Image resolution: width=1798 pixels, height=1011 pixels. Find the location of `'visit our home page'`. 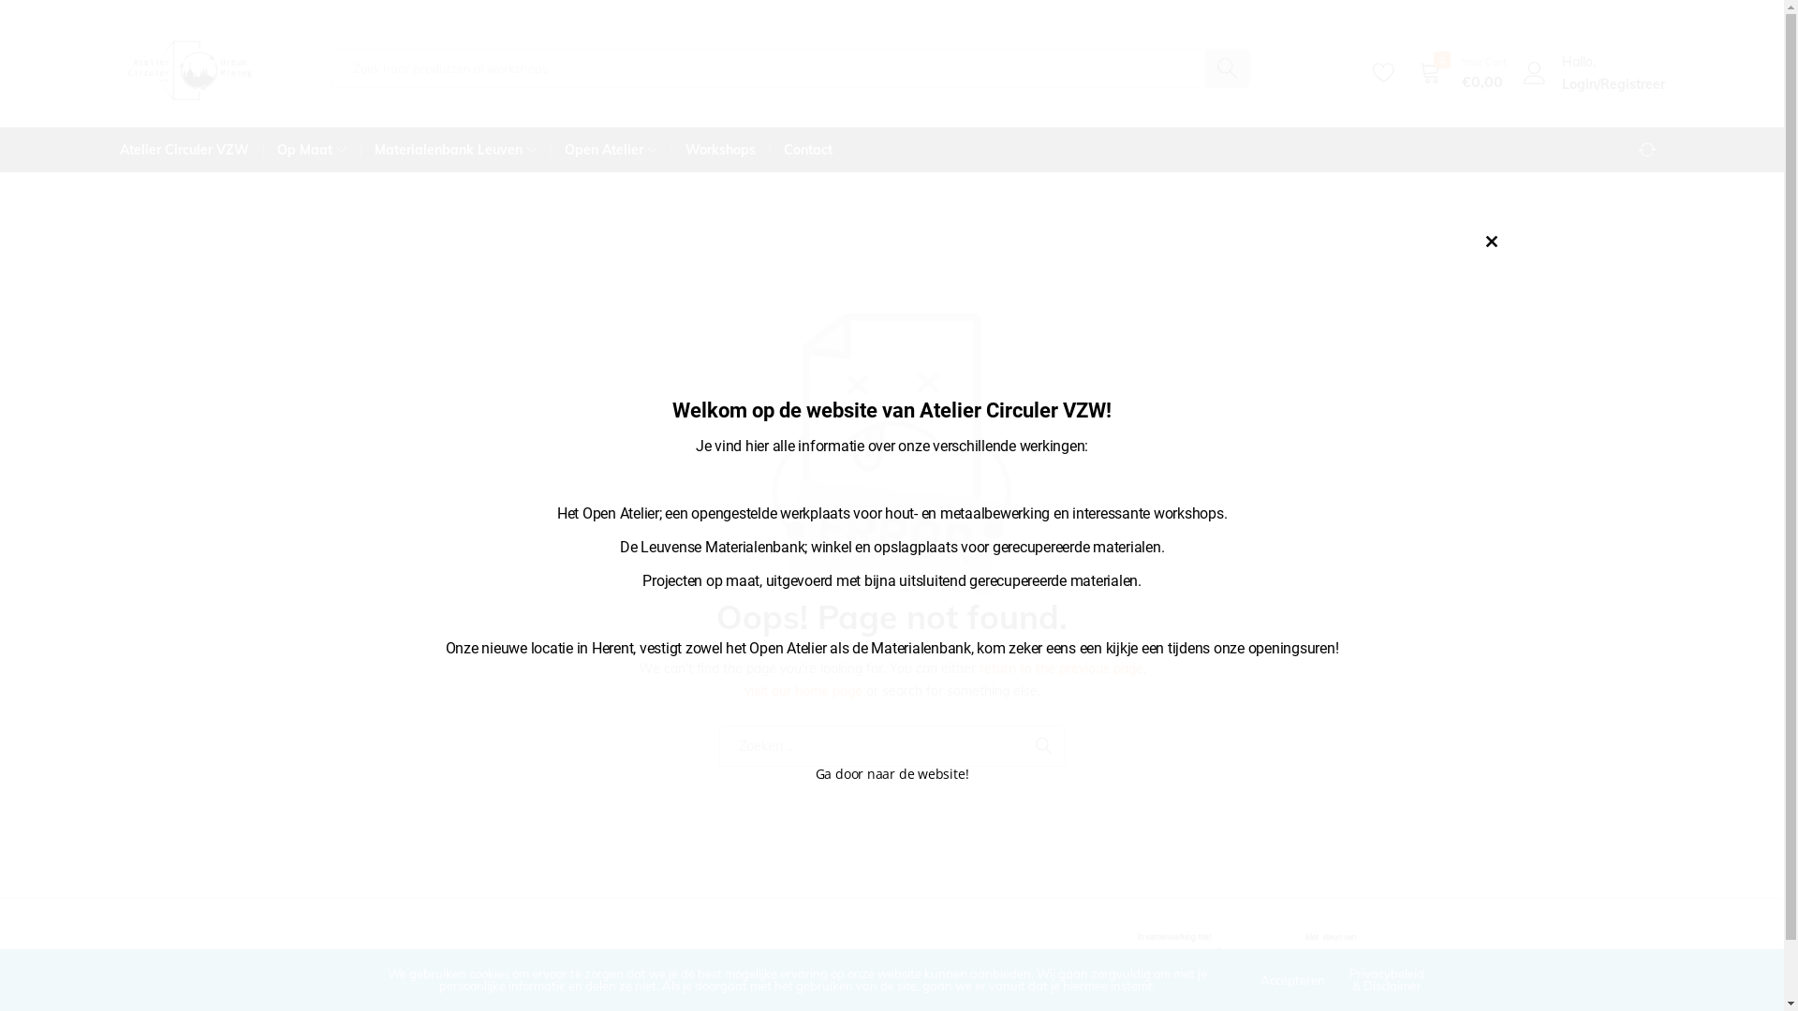

'visit our home page' is located at coordinates (803, 690).